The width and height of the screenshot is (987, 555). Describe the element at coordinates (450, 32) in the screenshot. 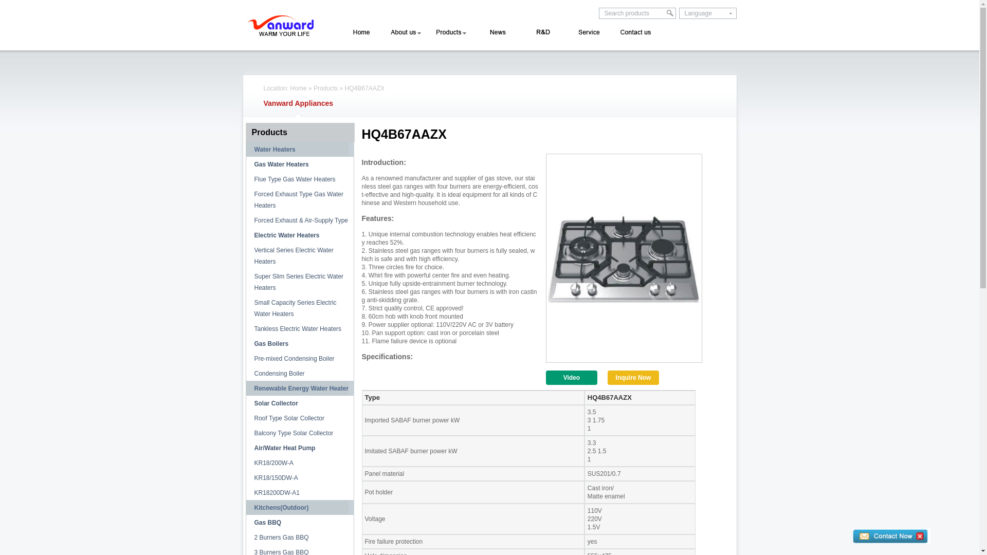

I see `'Products'` at that location.